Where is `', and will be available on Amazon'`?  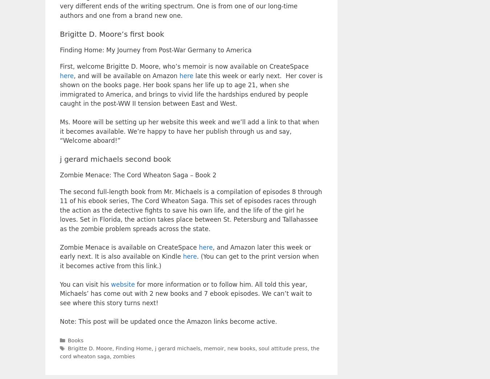
', and will be available on Amazon' is located at coordinates (126, 75).